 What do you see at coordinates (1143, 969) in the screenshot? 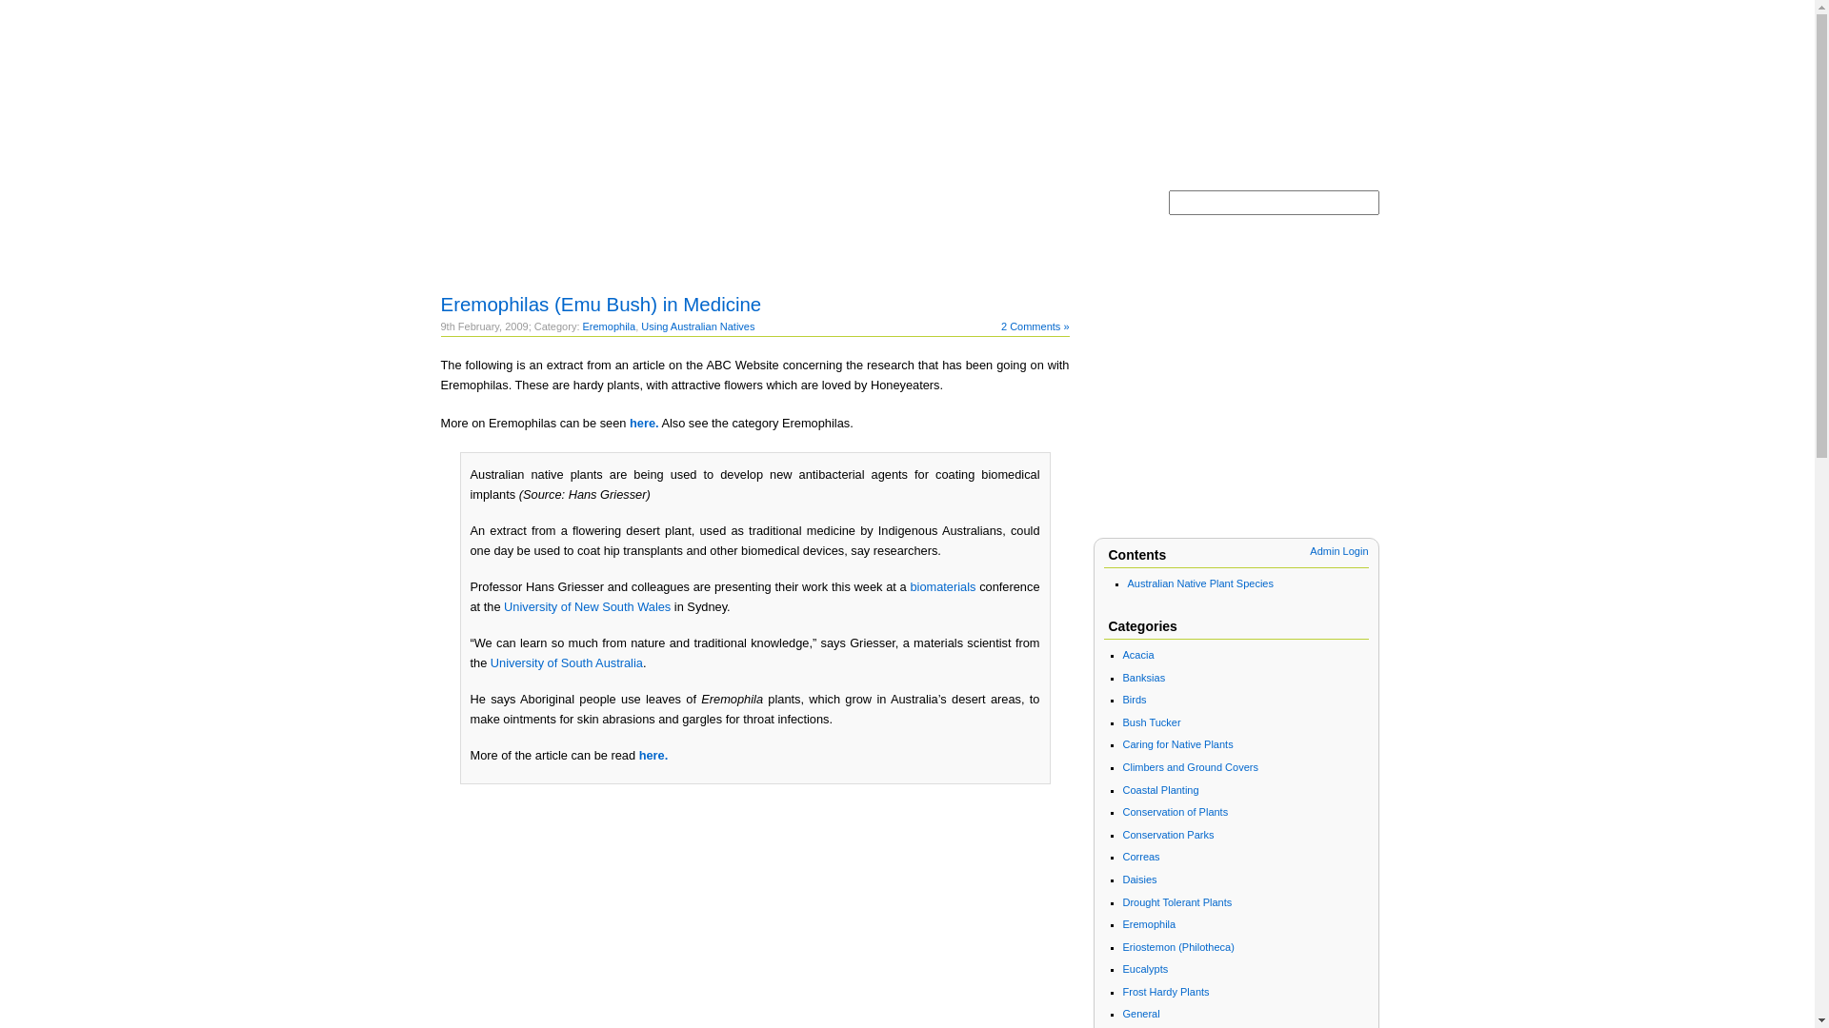
I see `'Eucalypts'` at bounding box center [1143, 969].